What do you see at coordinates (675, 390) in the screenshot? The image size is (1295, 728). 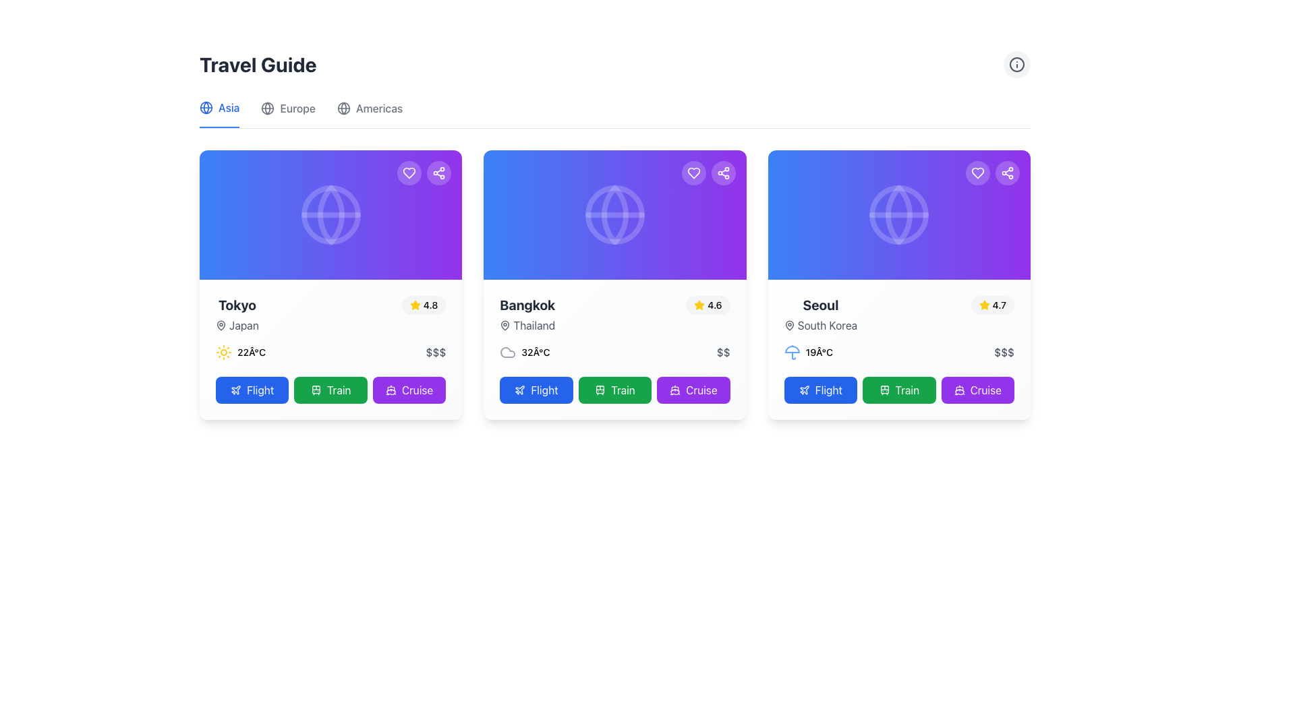 I see `the cruise transportation icon located within the purple 'Cruise' button at the bottom section of the middle card for the Bangkok destination` at bounding box center [675, 390].